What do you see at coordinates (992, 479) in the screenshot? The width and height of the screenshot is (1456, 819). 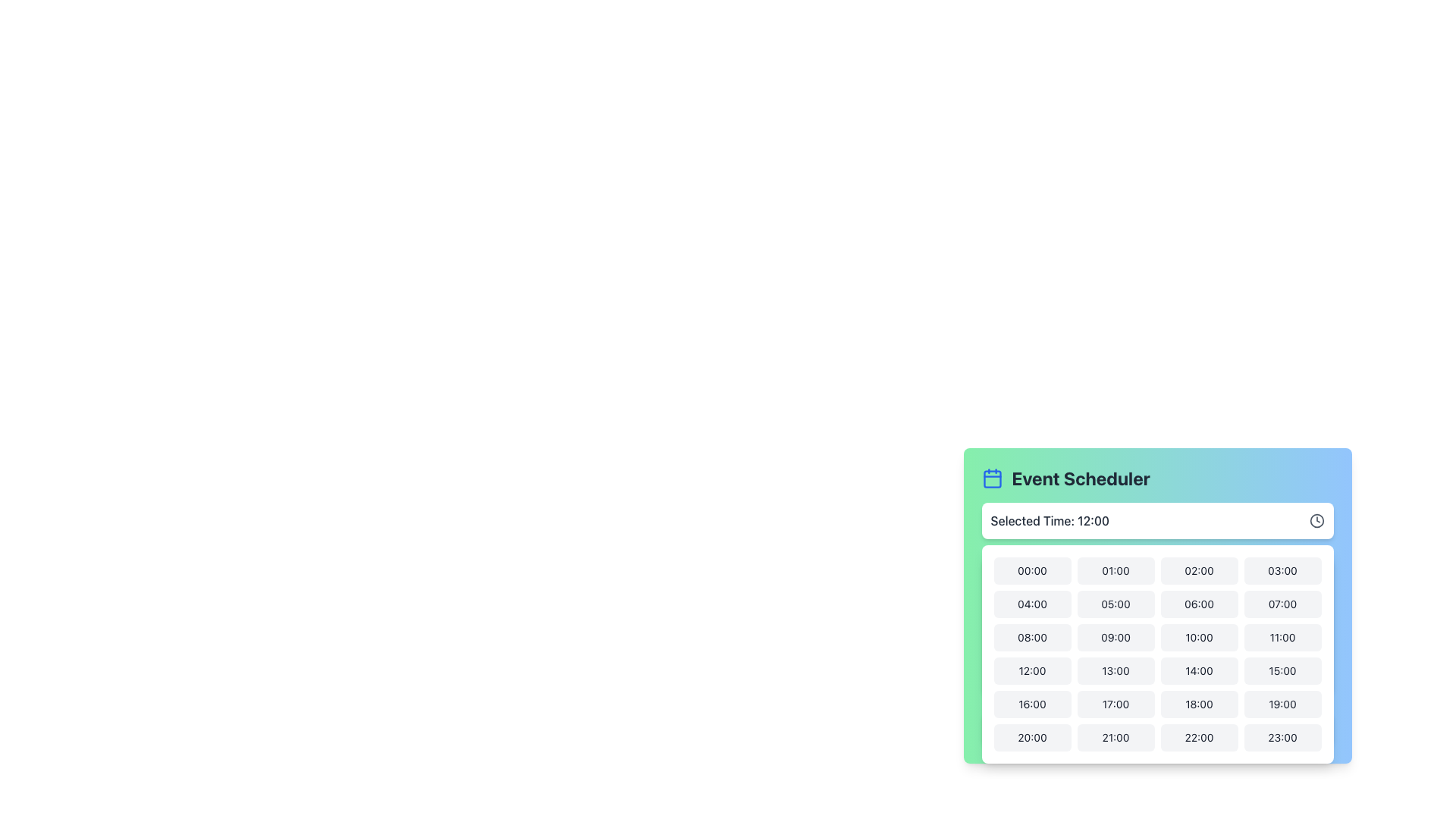 I see `the calendar icon representing the 'Event Scheduler' section, which is located on the top-left corner of the panel next to the header text 'Event Scheduler'` at bounding box center [992, 479].